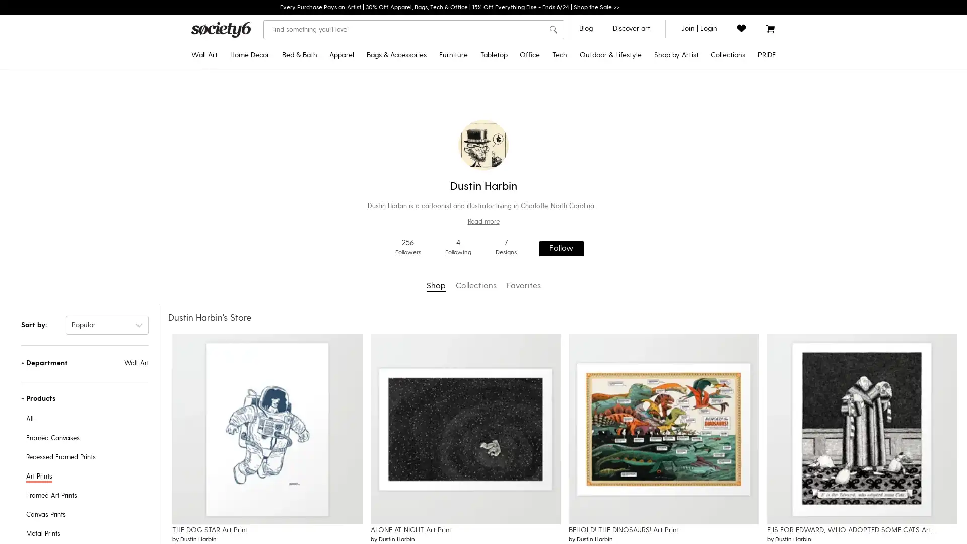 The width and height of the screenshot is (967, 544). I want to click on Pattern Play, so click(690, 227).